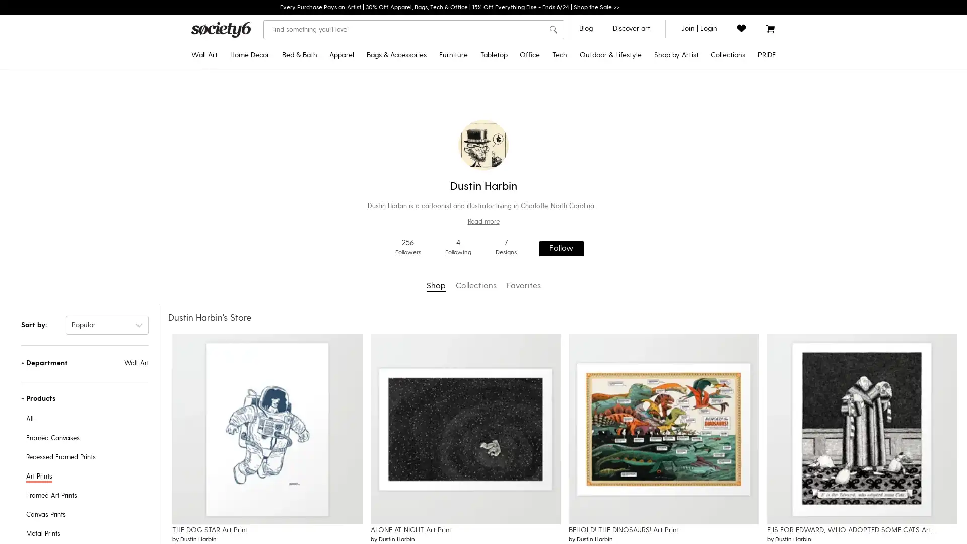 The width and height of the screenshot is (967, 544). I want to click on Pattern Play, so click(690, 227).